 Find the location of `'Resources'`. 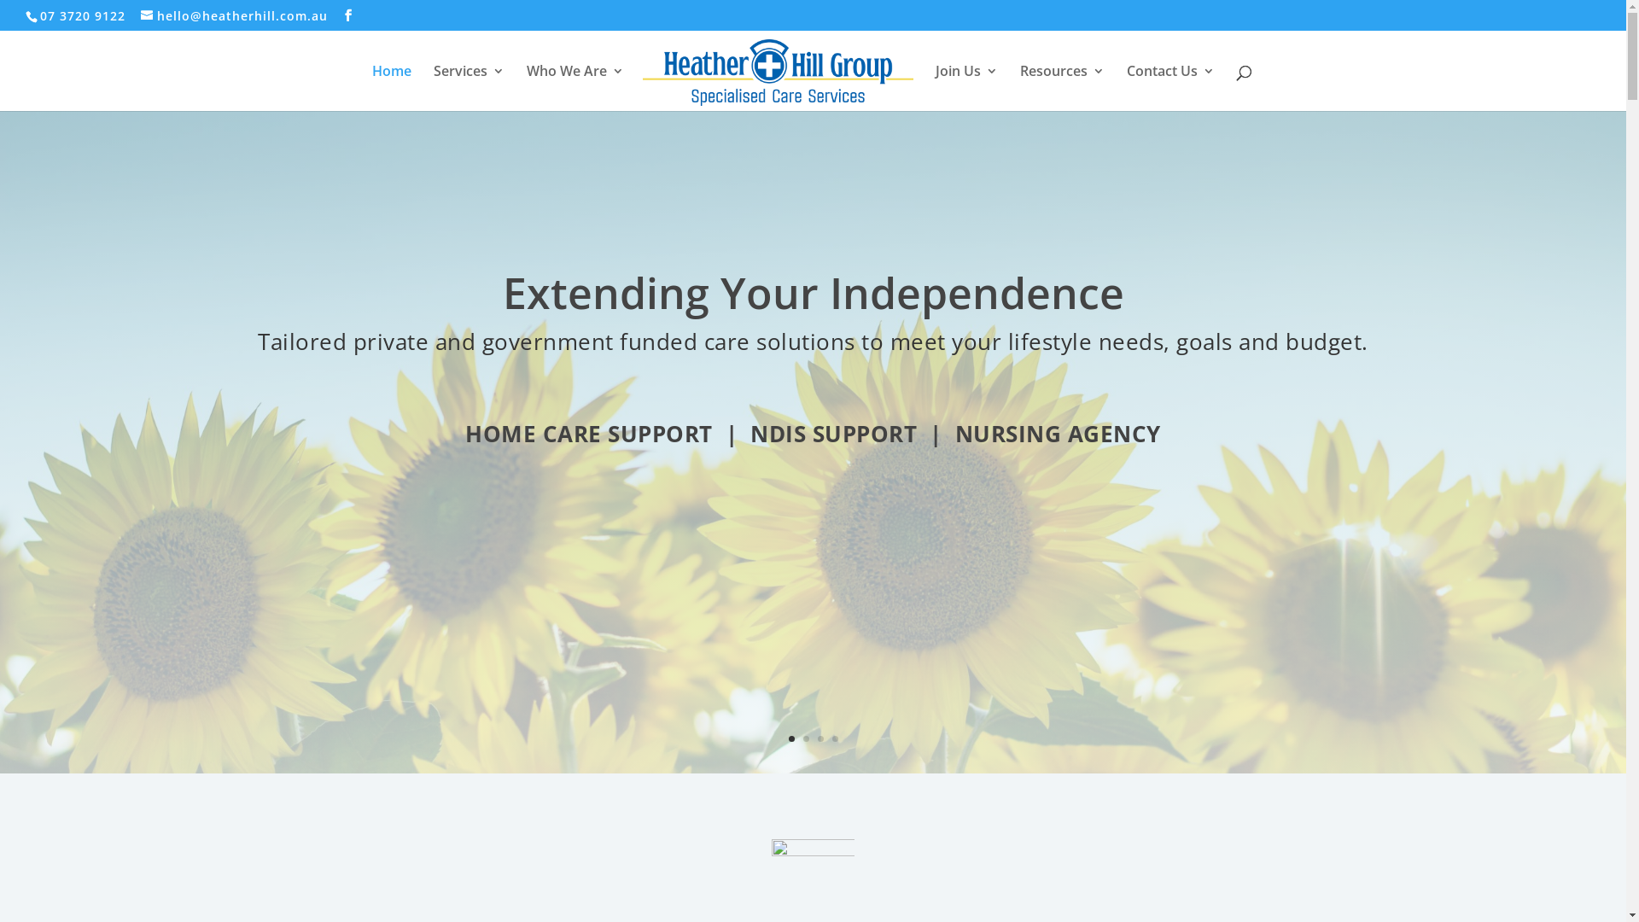

'Resources' is located at coordinates (1061, 88).